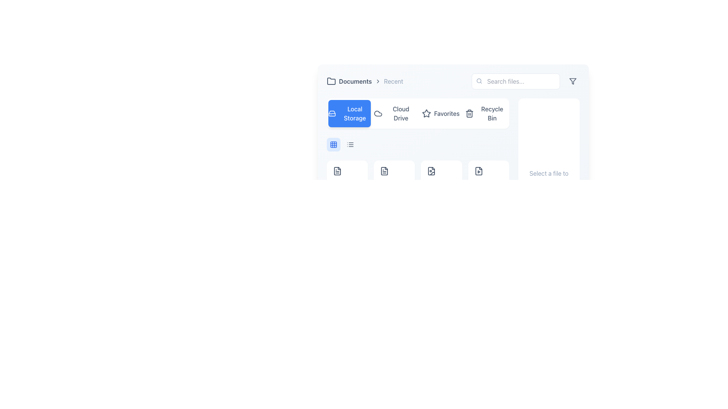 The image size is (728, 409). I want to click on to activate the 'Favorites' tab, which is the third tab on the menu bar located between 'Cloud Drive' and 'Recycle Bin', so click(453, 117).